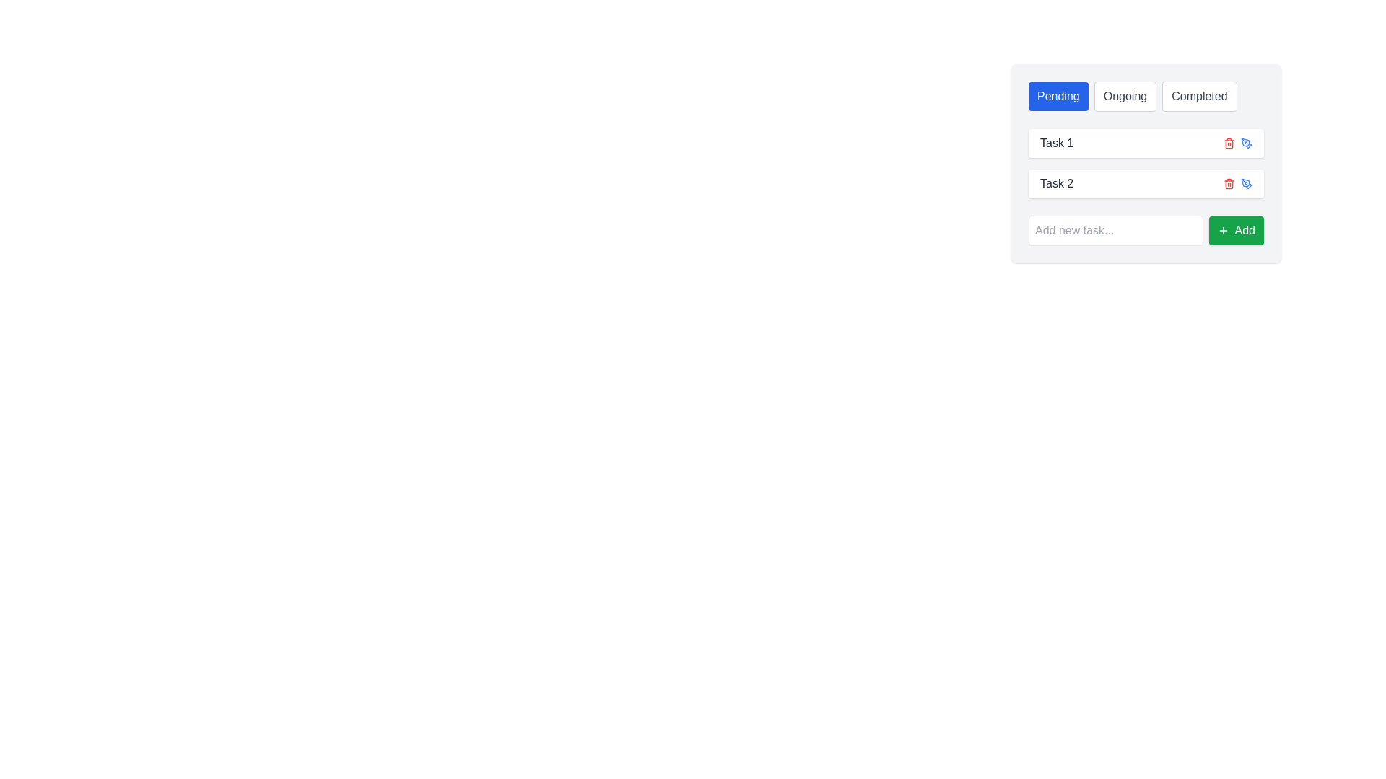  I want to click on the blue icon button that resembles a tool pen, located to the right of the second task in the task list, so click(1246, 144).